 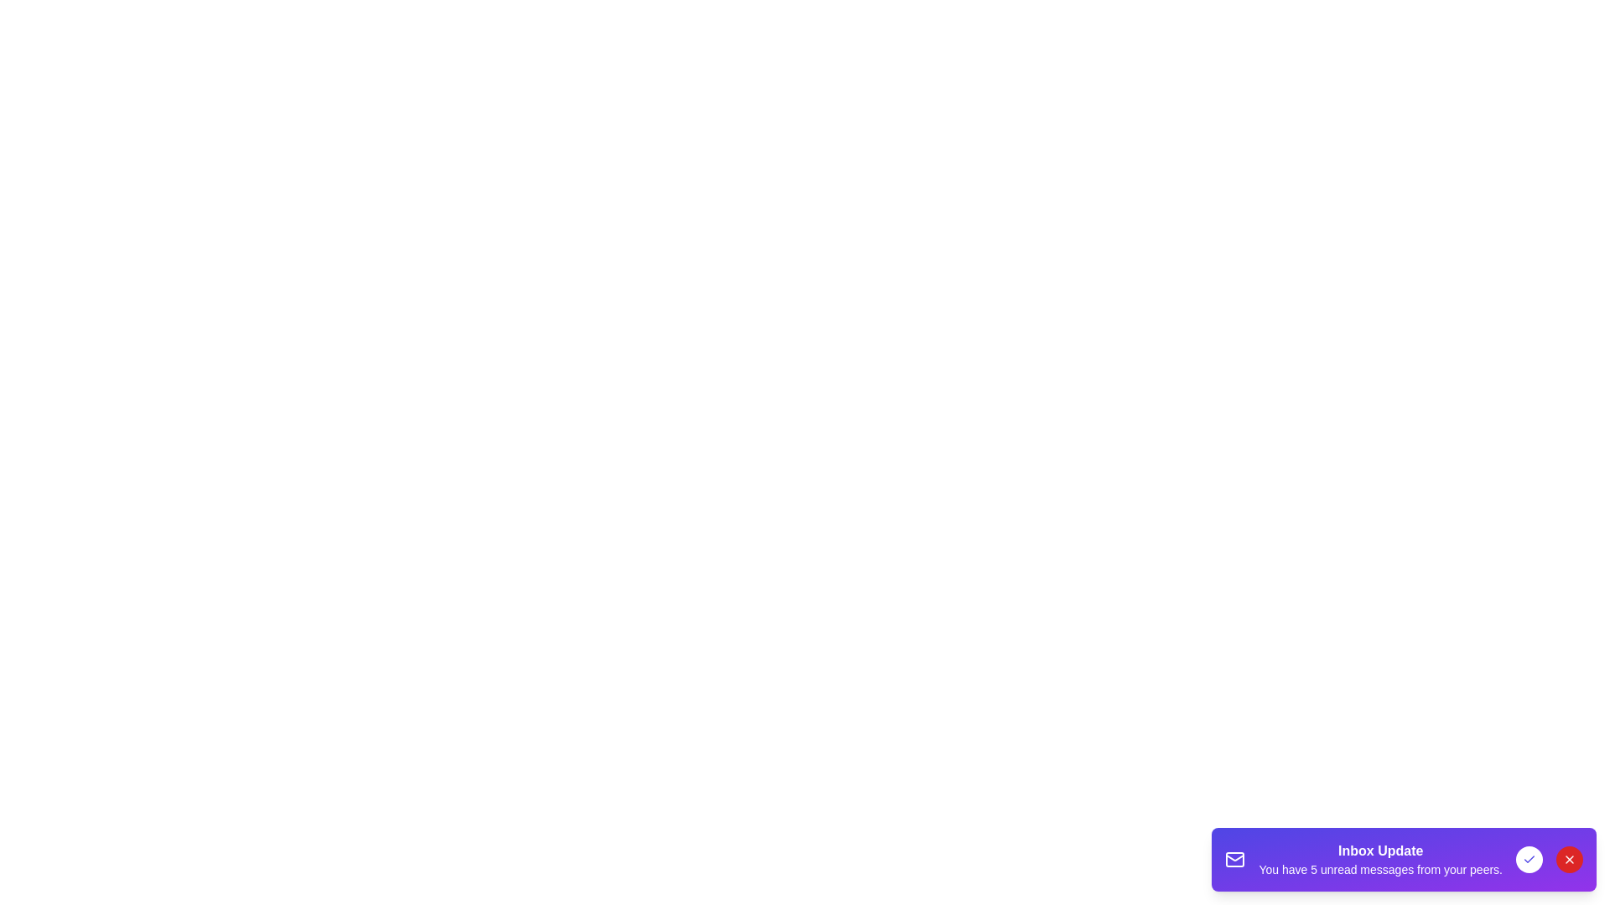 What do you see at coordinates (1529, 860) in the screenshot?
I see `'Mark as Read' button to mark the notification as read` at bounding box center [1529, 860].